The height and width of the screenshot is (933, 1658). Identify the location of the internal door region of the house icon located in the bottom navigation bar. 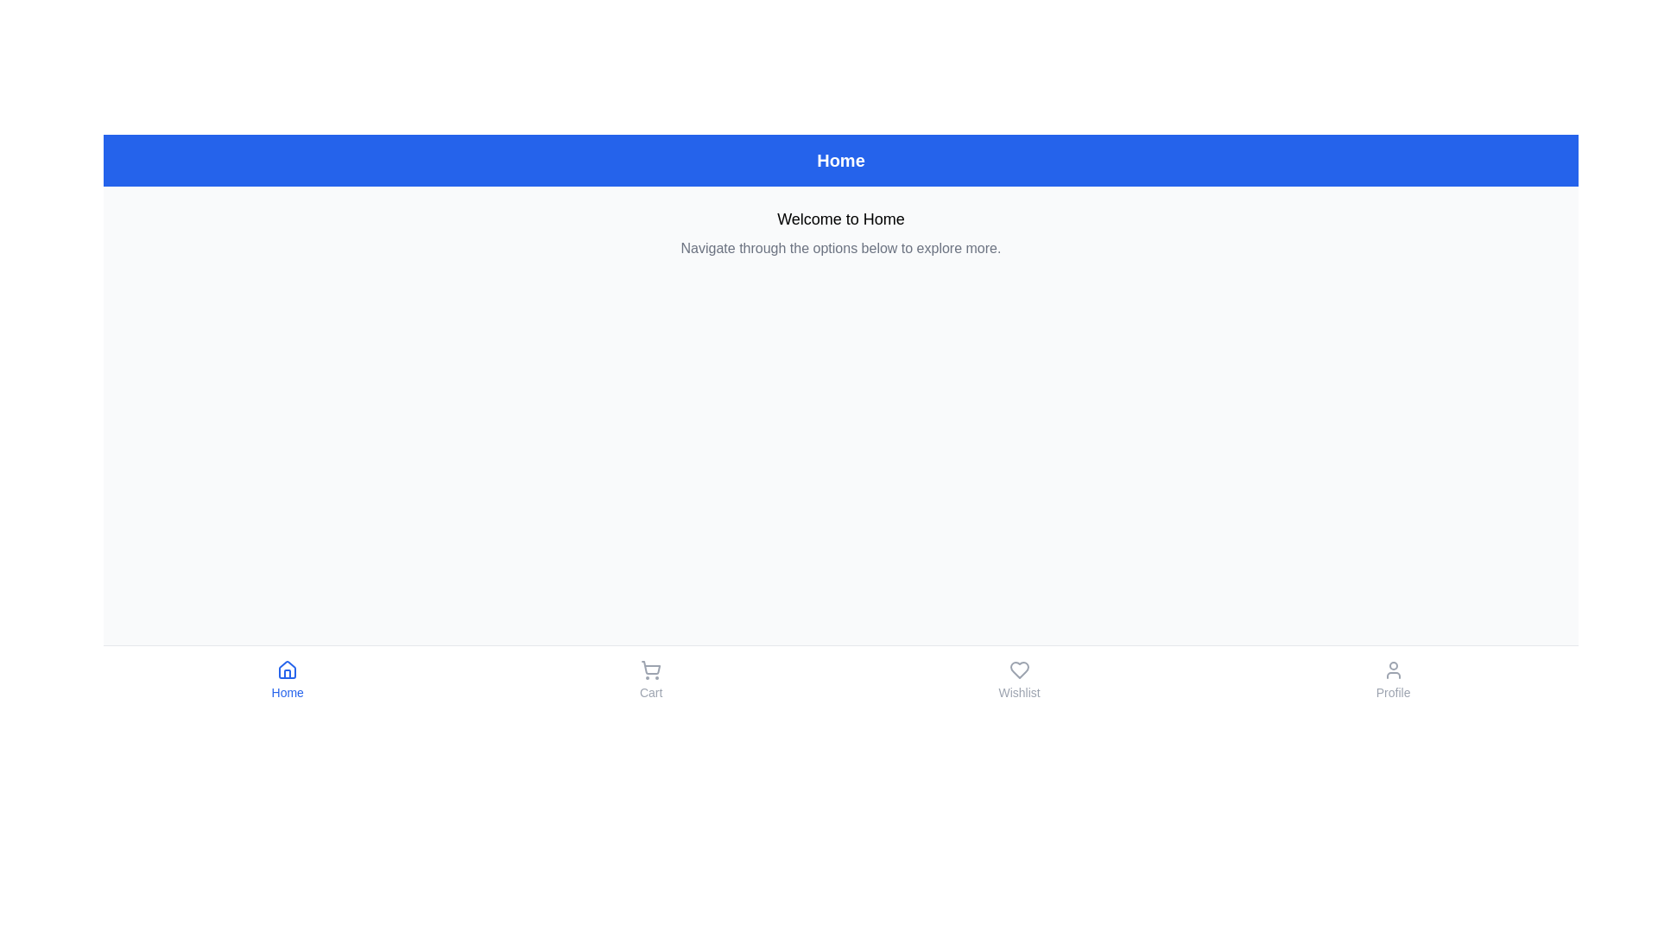
(288, 673).